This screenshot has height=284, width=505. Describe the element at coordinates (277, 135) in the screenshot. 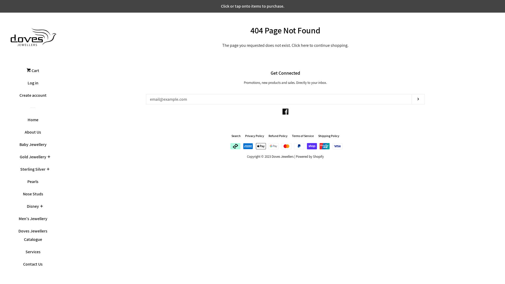

I see `'Refund Policy'` at that location.